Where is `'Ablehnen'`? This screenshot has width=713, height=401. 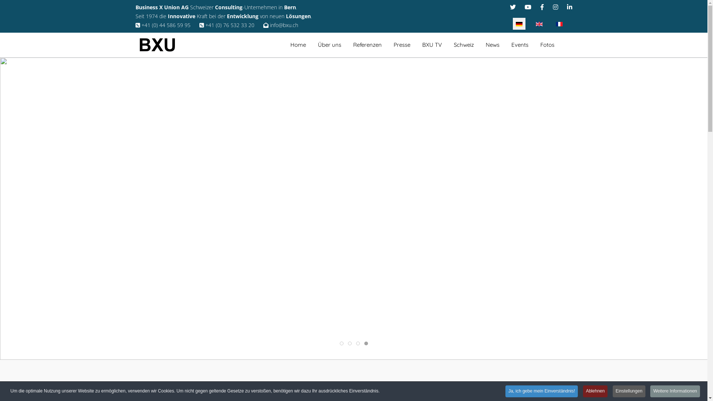 'Ablehnen' is located at coordinates (595, 391).